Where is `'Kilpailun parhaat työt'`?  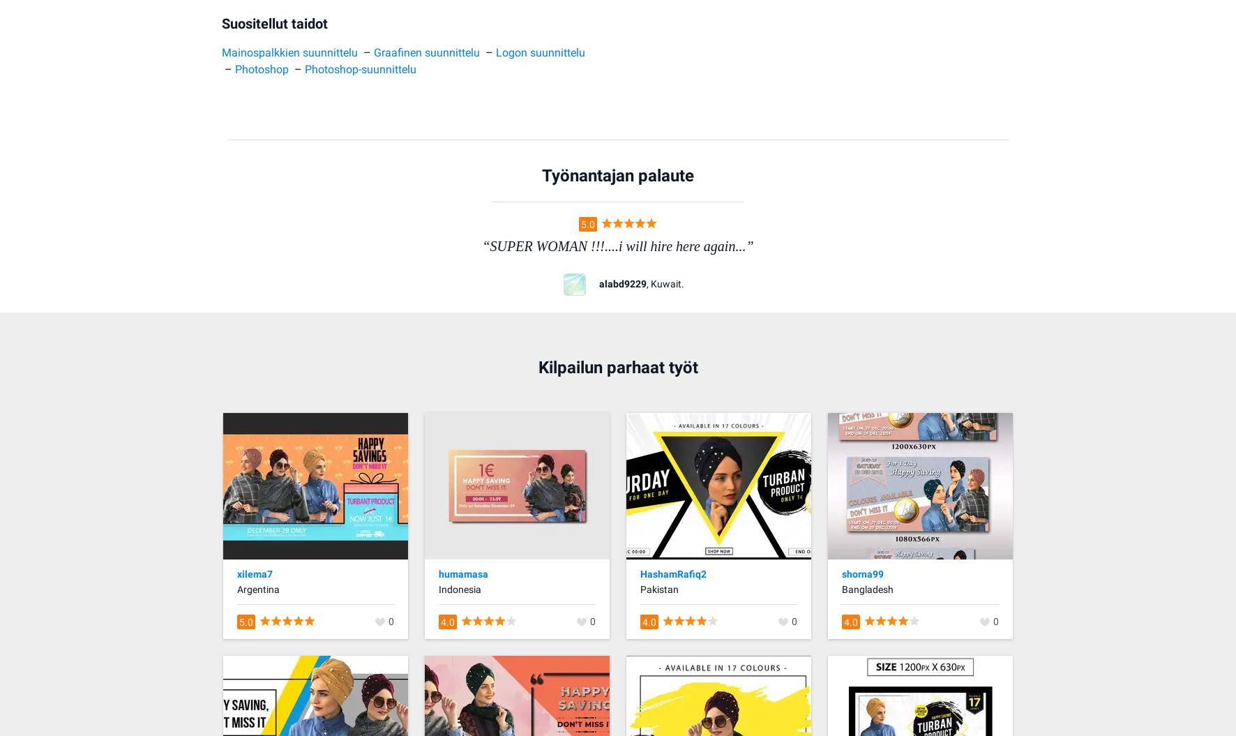
'Kilpailun parhaat työt' is located at coordinates (617, 367).